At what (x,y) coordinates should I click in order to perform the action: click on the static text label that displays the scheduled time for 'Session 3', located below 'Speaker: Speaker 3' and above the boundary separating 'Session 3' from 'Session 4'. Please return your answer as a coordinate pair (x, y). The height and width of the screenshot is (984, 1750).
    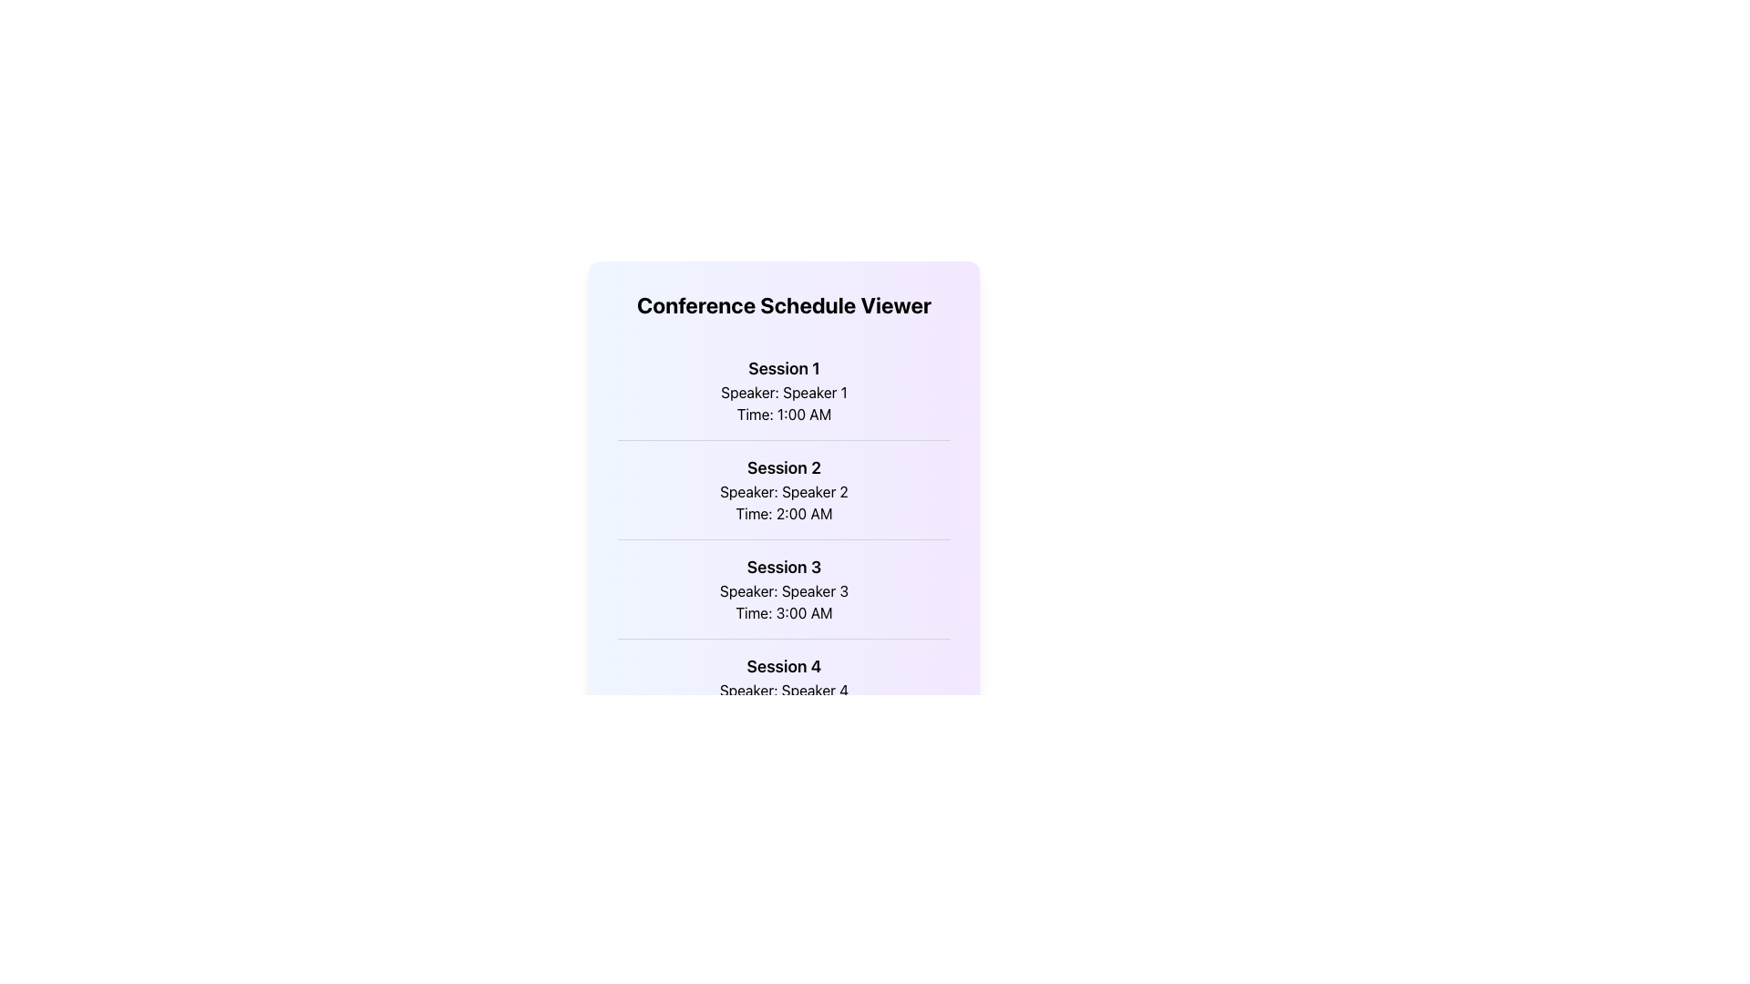
    Looking at the image, I should click on (784, 612).